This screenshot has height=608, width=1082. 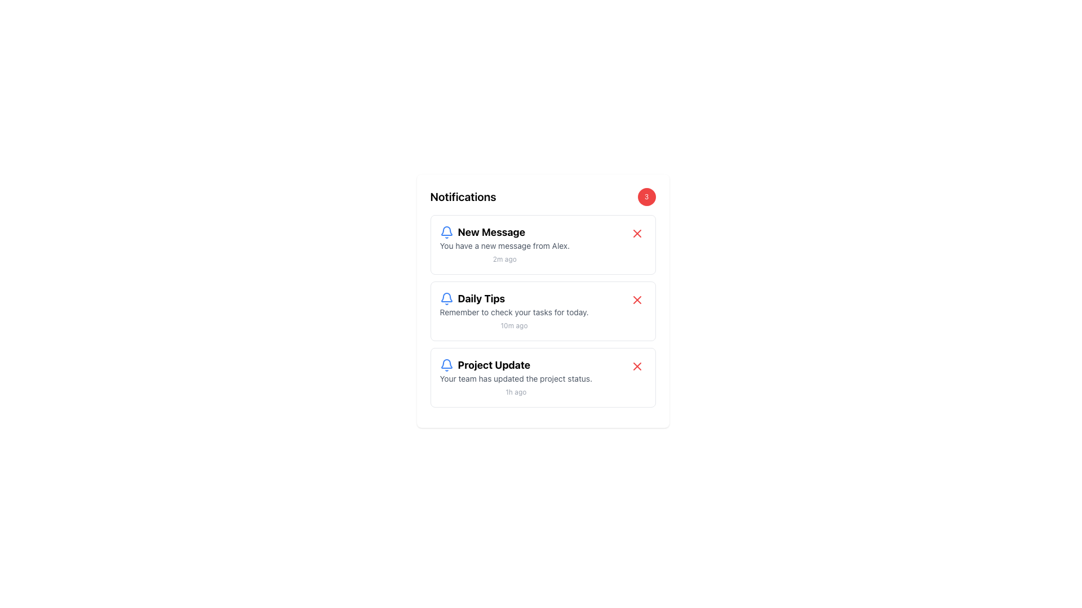 I want to click on the dismiss icon in the first notification card under the 'Notifications' heading, so click(x=637, y=233).